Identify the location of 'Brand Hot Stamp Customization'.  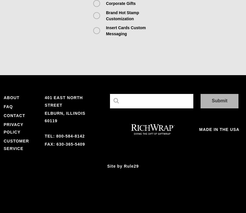
(122, 15).